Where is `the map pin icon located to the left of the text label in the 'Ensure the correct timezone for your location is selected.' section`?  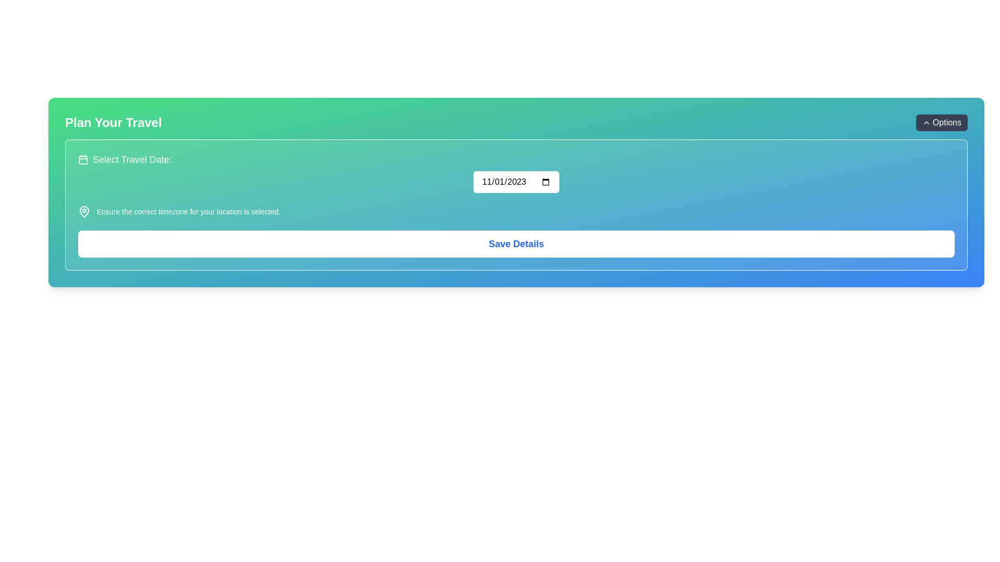 the map pin icon located to the left of the text label in the 'Ensure the correct timezone for your location is selected.' section is located at coordinates (84, 211).